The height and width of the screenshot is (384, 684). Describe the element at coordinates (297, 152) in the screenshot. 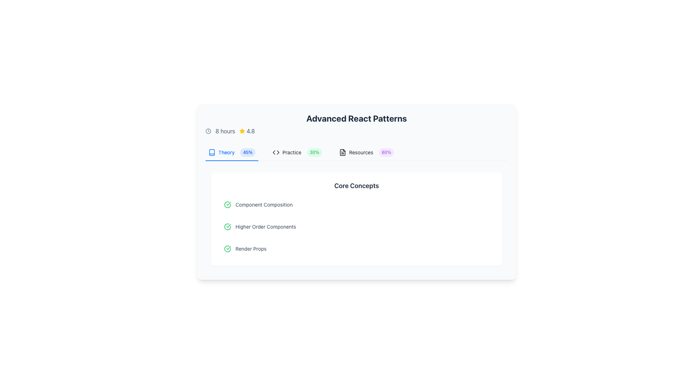

I see `the 'Practice' tab button, which is the second tab in the horizontal tab group` at that location.